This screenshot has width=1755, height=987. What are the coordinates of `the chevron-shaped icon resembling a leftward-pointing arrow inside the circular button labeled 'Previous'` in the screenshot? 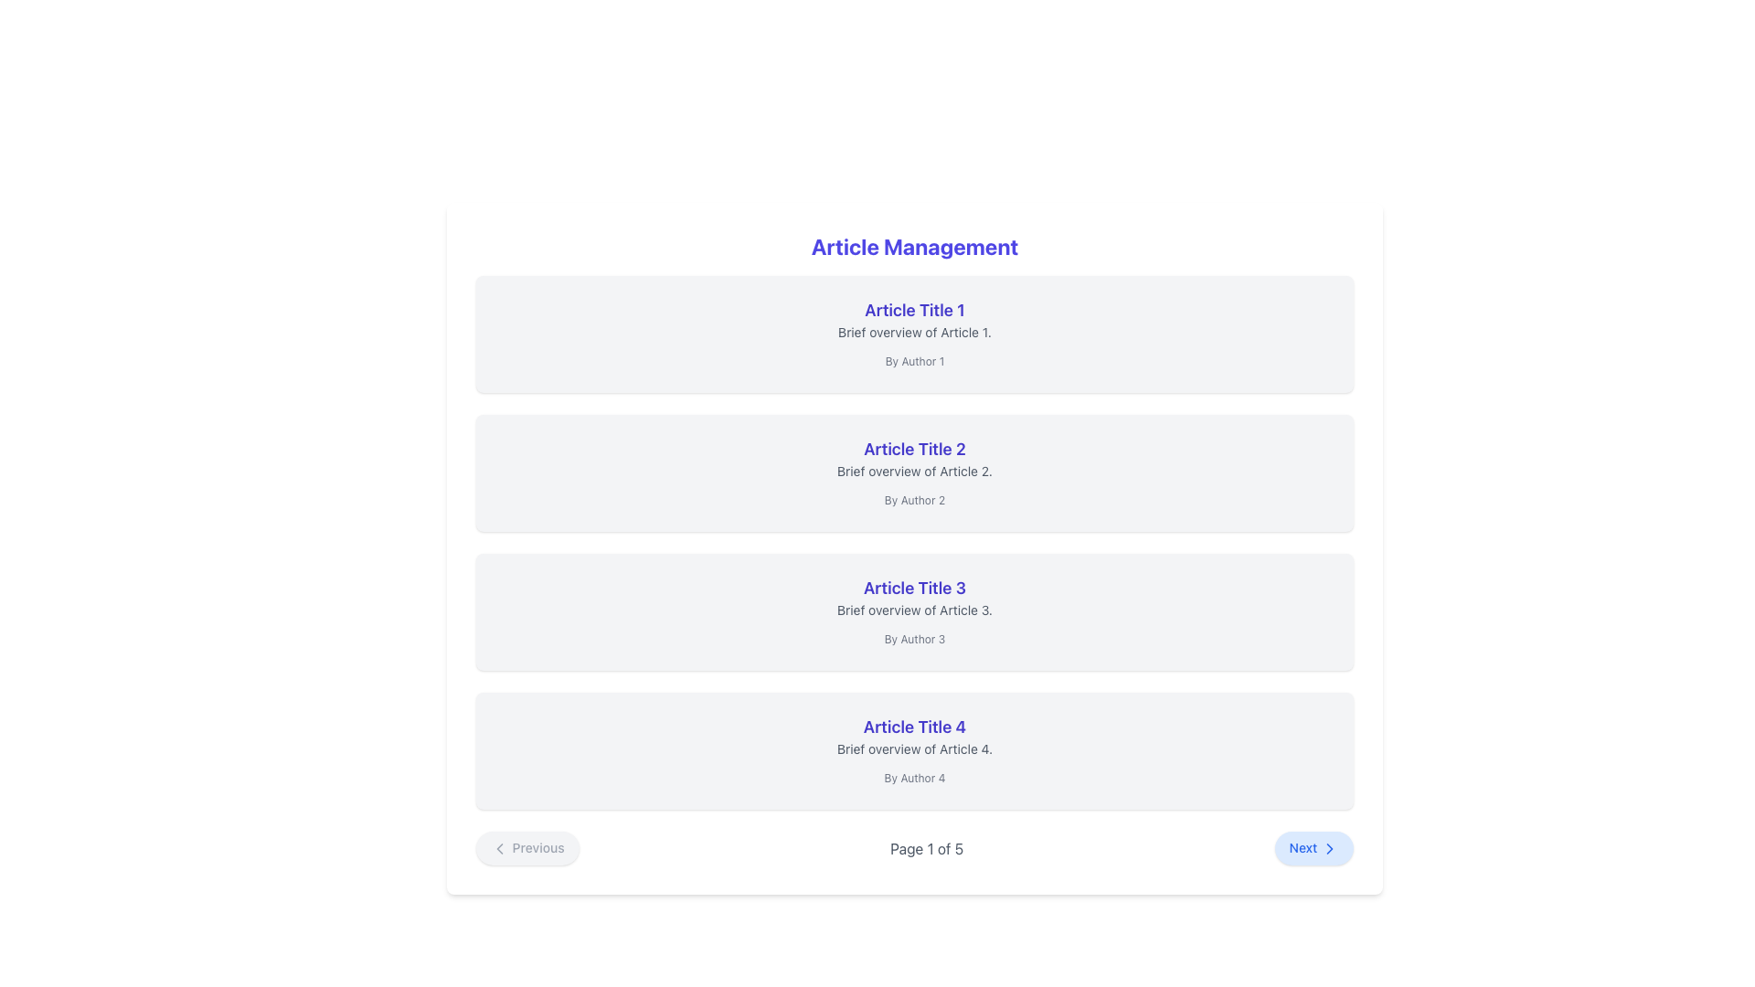 It's located at (500, 849).